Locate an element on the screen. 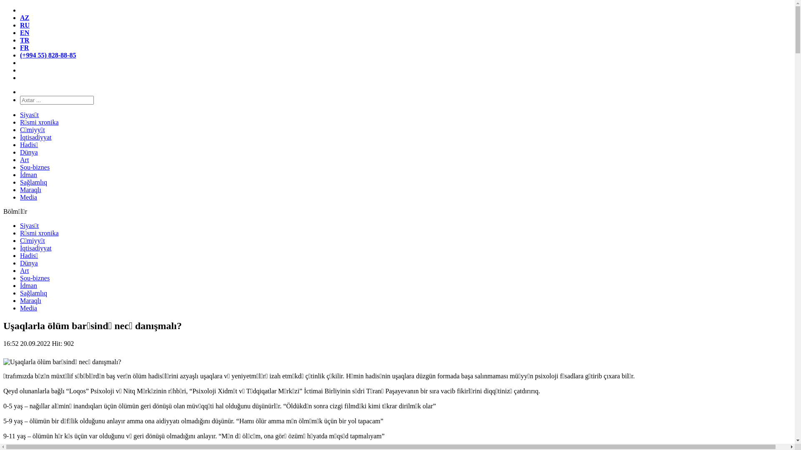 Image resolution: width=801 pixels, height=450 pixels. 'TR' is located at coordinates (24, 40).